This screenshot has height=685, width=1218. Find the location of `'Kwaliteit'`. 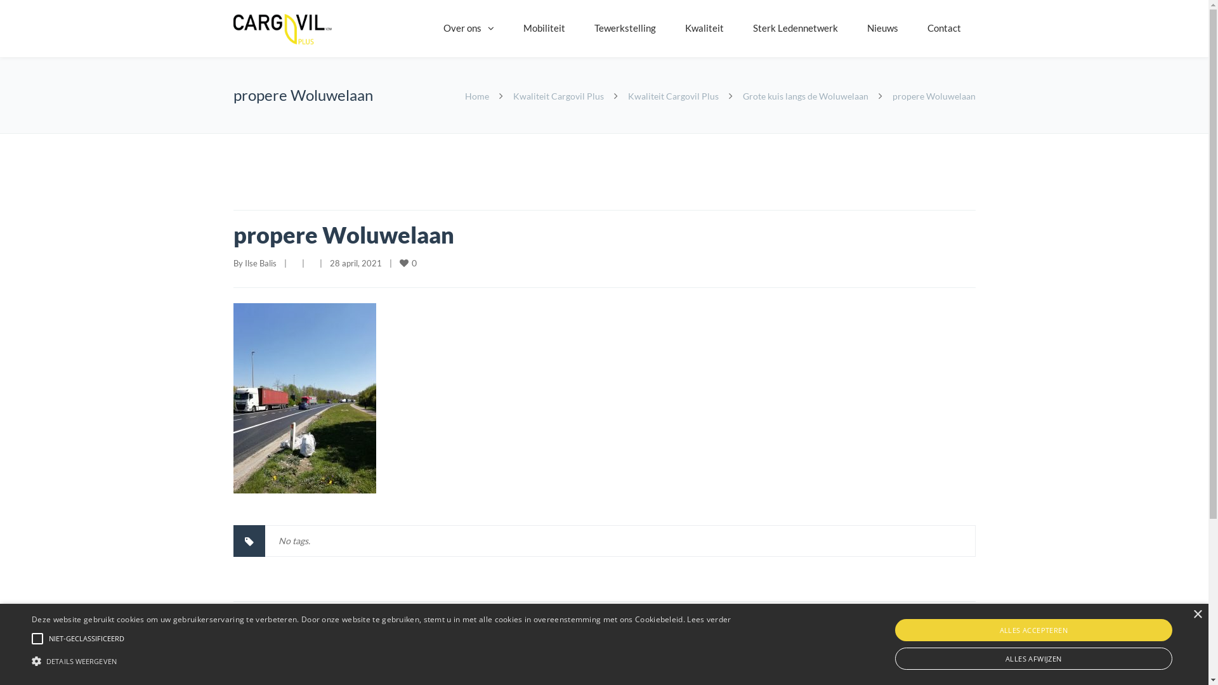

'Kwaliteit' is located at coordinates (669, 29).